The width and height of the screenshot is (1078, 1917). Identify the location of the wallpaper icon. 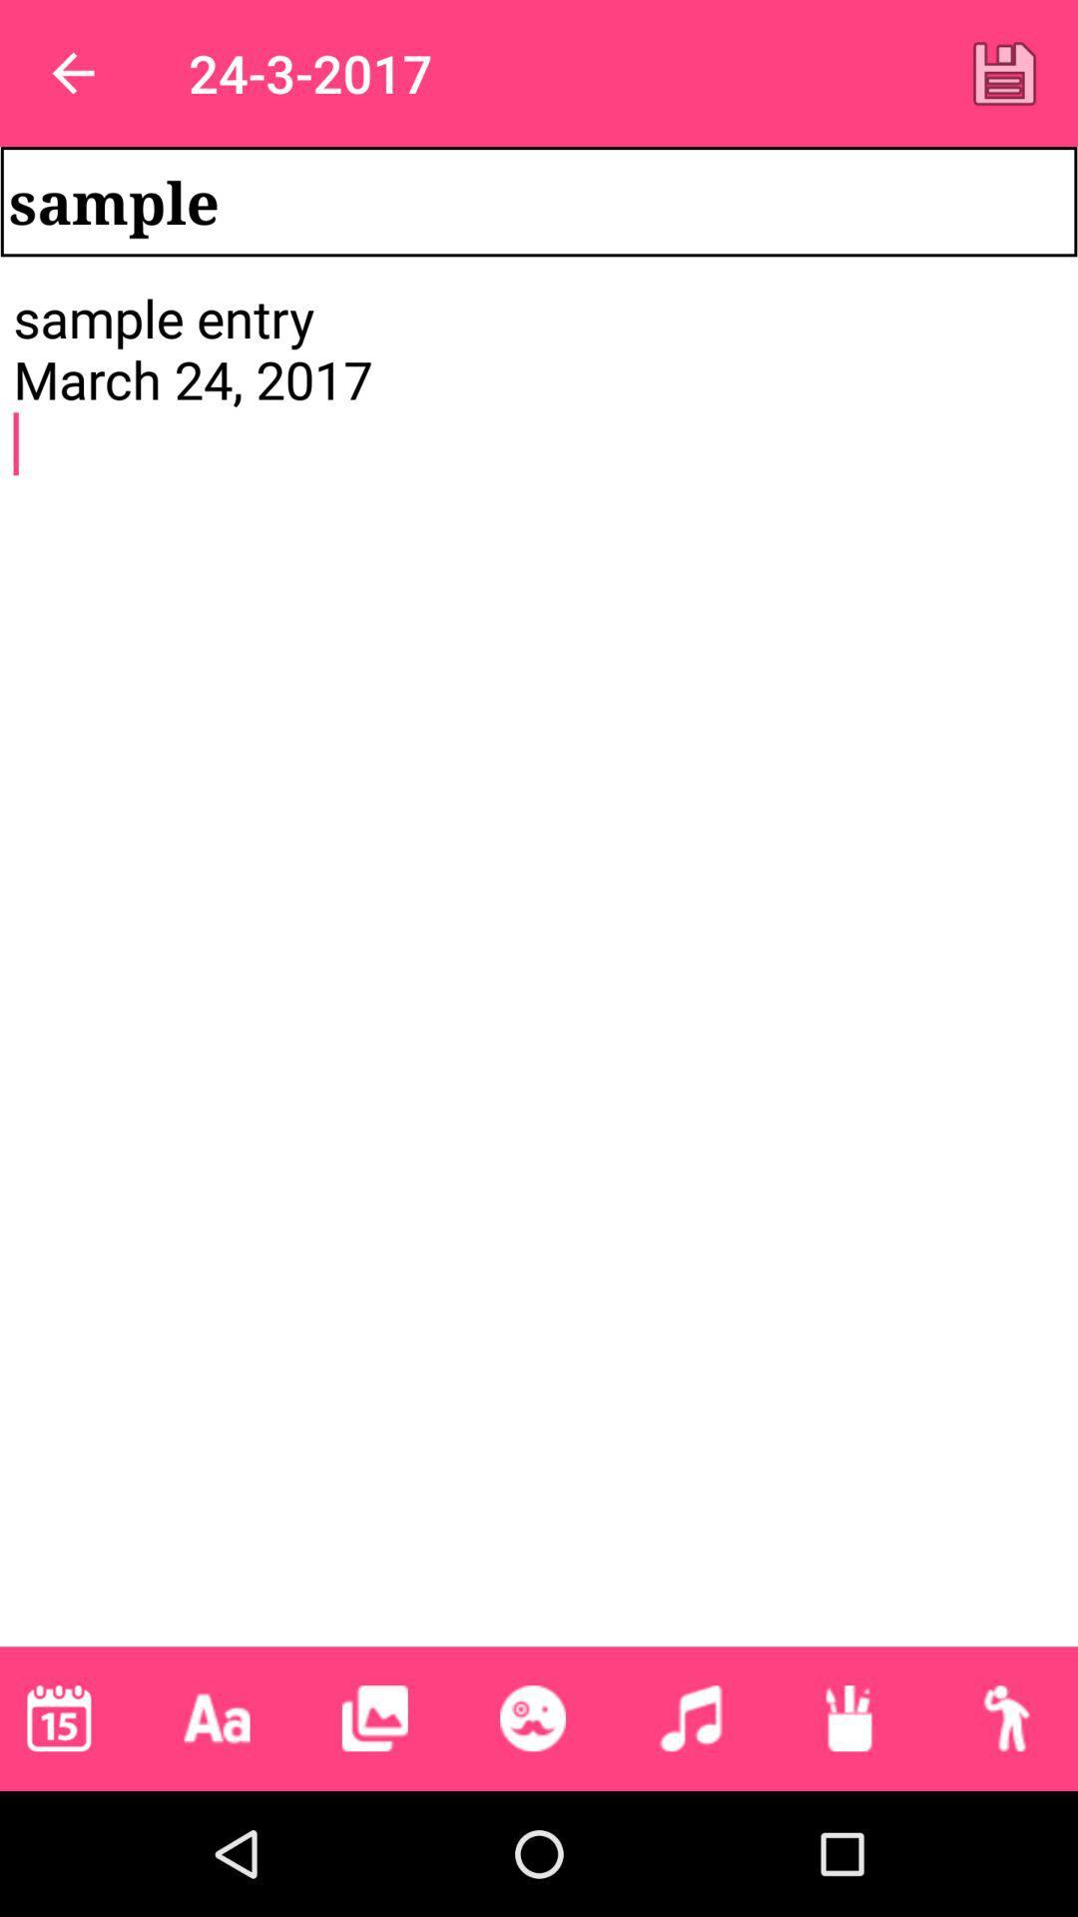
(374, 1717).